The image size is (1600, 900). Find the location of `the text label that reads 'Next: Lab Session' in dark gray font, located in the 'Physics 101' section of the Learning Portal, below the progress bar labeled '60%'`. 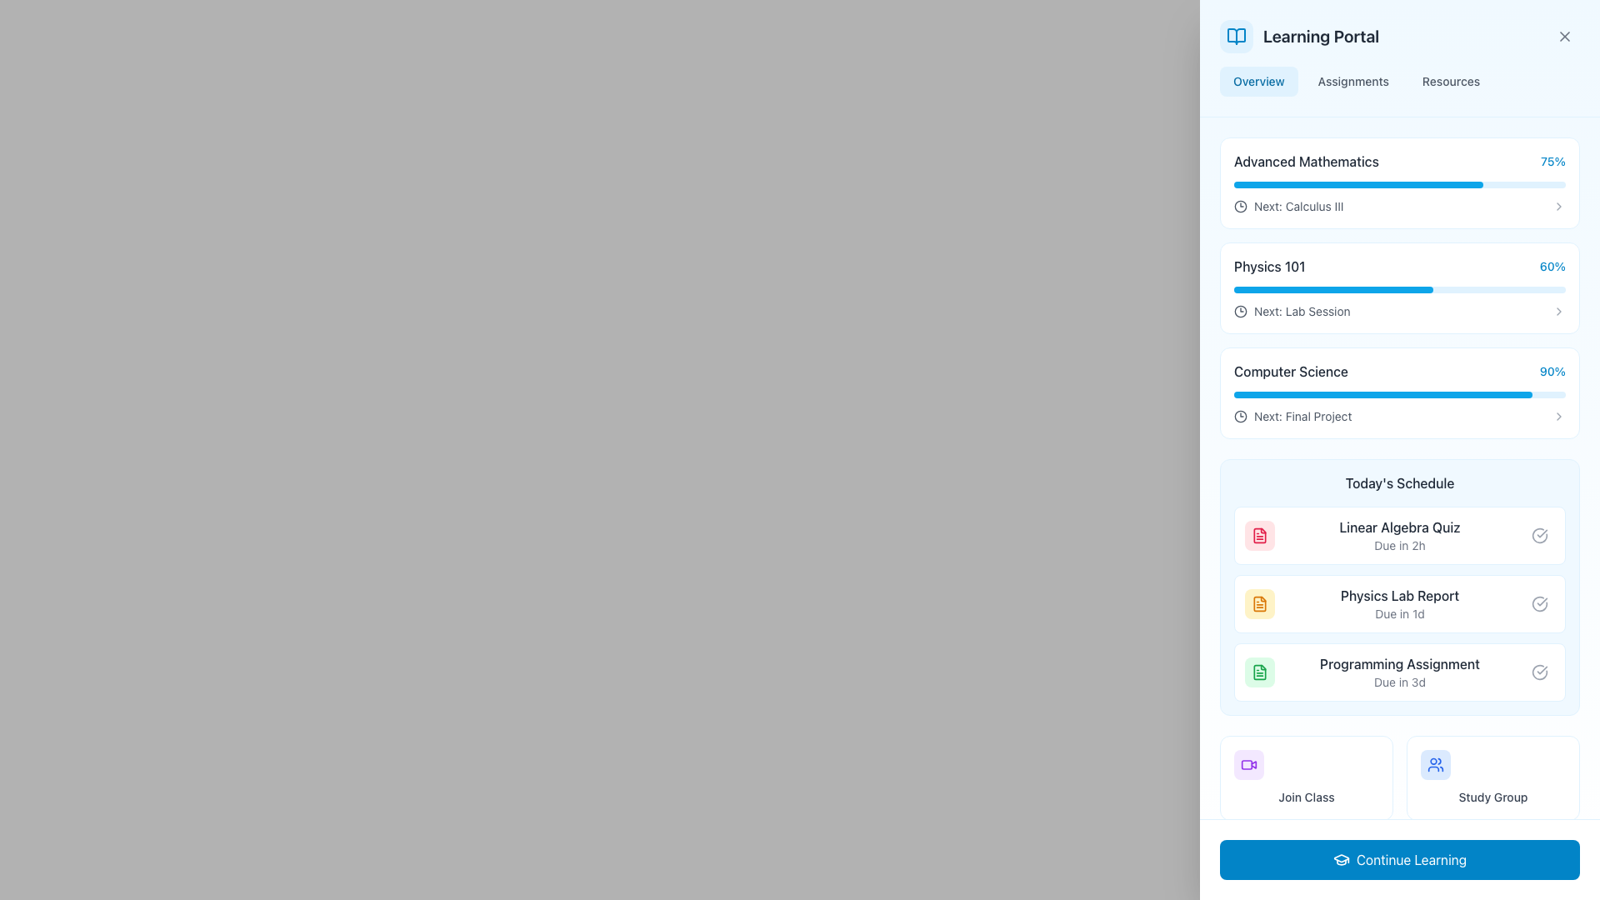

the text label that reads 'Next: Lab Session' in dark gray font, located in the 'Physics 101' section of the Learning Portal, below the progress bar labeled '60%' is located at coordinates (1301, 312).